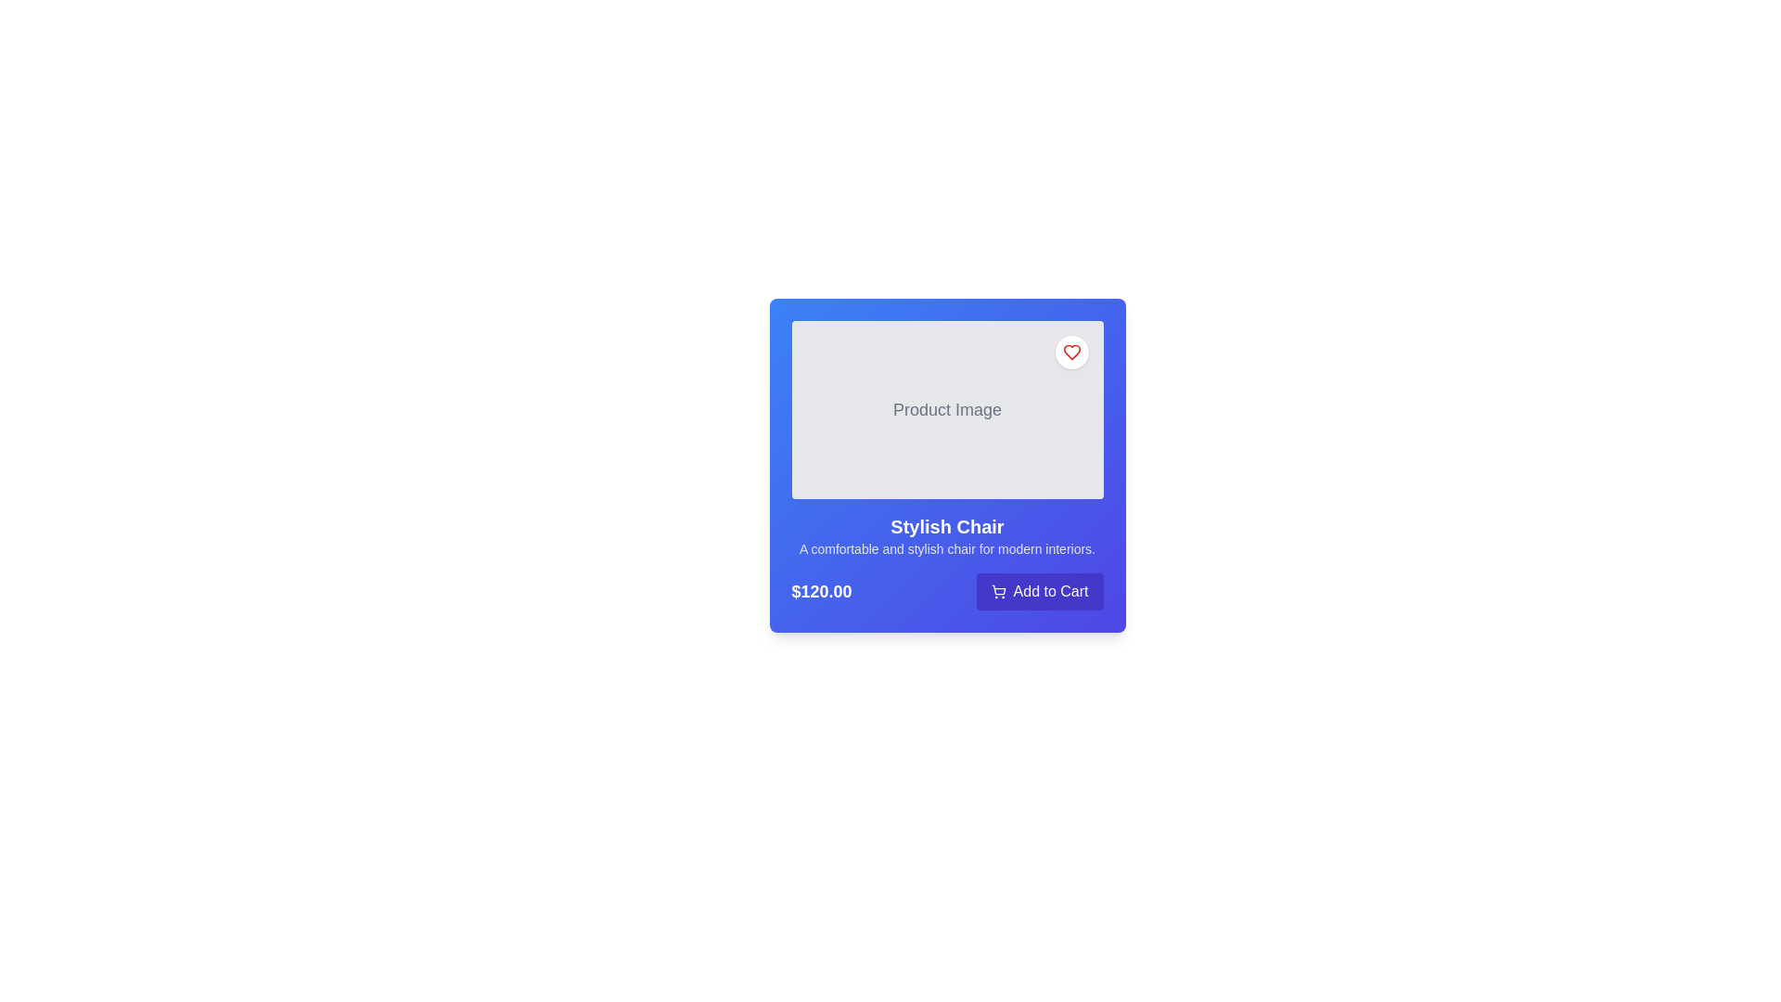 The image size is (1781, 1002). What do you see at coordinates (1050, 591) in the screenshot?
I see `the text label that triggers adding the product to the shopping cart, located at the bottom right corner of the product card` at bounding box center [1050, 591].